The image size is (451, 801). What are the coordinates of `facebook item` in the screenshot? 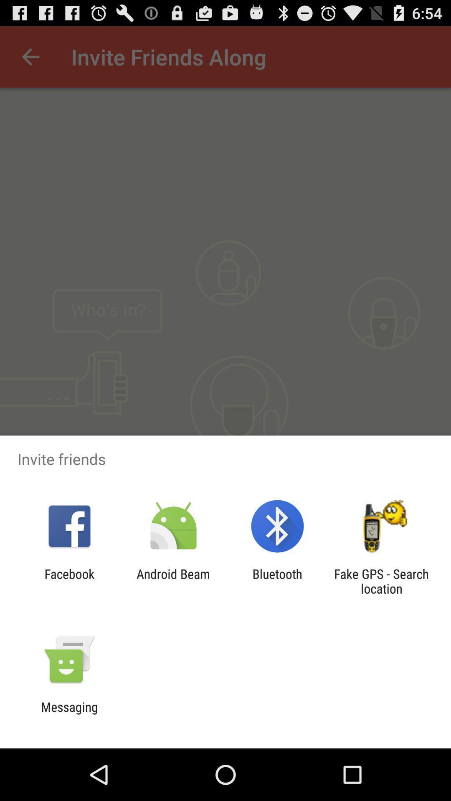 It's located at (69, 581).